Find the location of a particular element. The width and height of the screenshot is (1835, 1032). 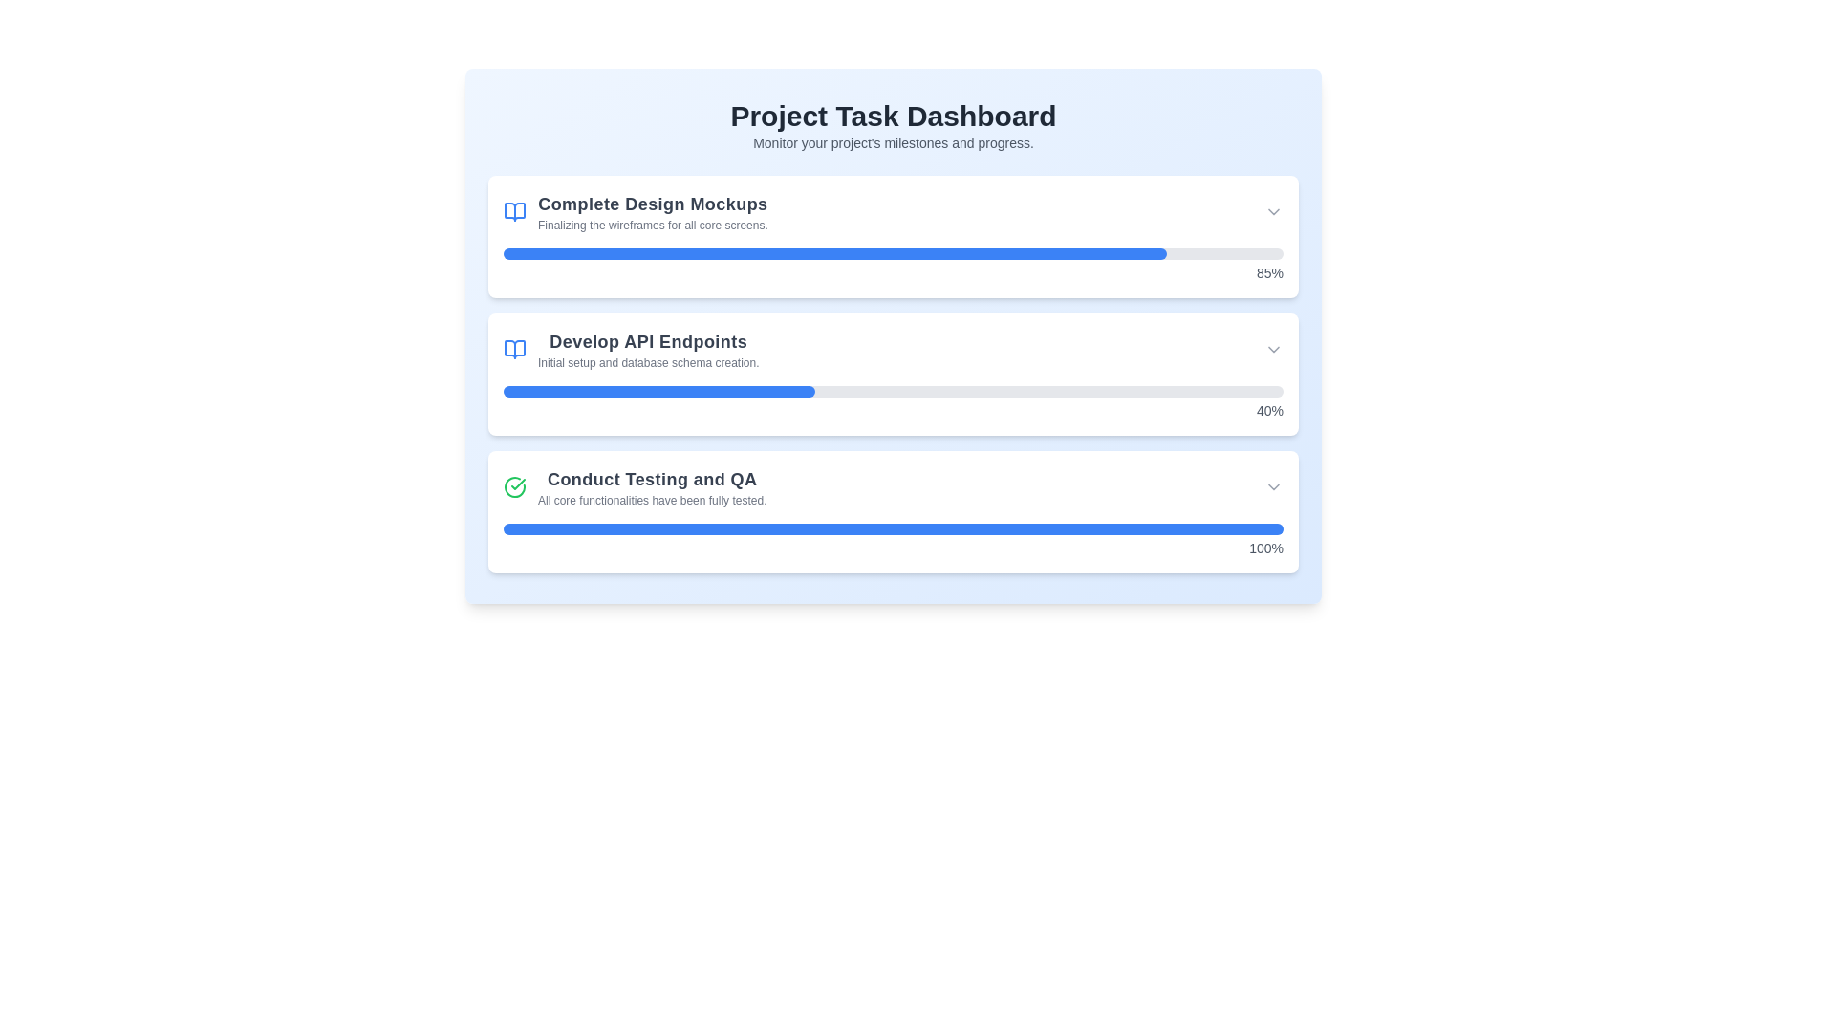

progress is located at coordinates (1080, 390).